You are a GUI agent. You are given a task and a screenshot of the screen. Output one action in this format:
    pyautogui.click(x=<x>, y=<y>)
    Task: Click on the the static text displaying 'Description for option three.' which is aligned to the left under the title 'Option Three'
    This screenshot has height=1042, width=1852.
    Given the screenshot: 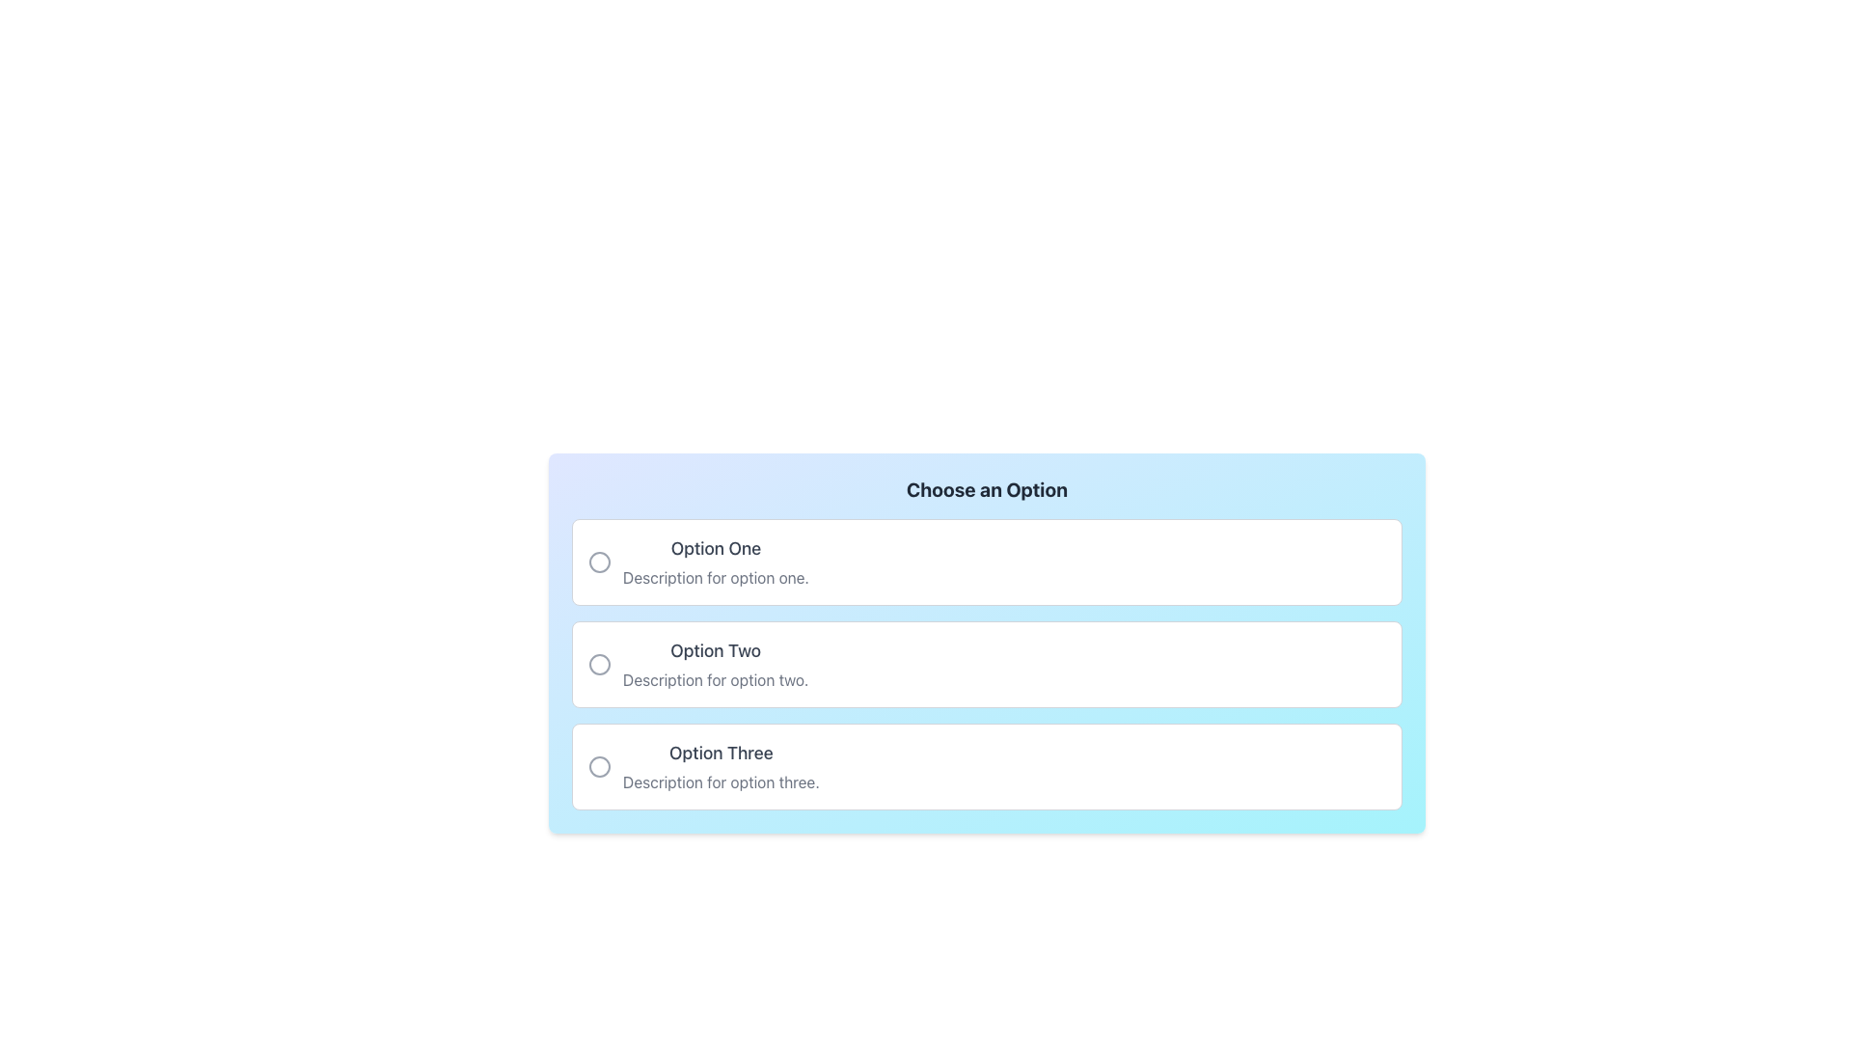 What is the action you would take?
    pyautogui.click(x=720, y=781)
    